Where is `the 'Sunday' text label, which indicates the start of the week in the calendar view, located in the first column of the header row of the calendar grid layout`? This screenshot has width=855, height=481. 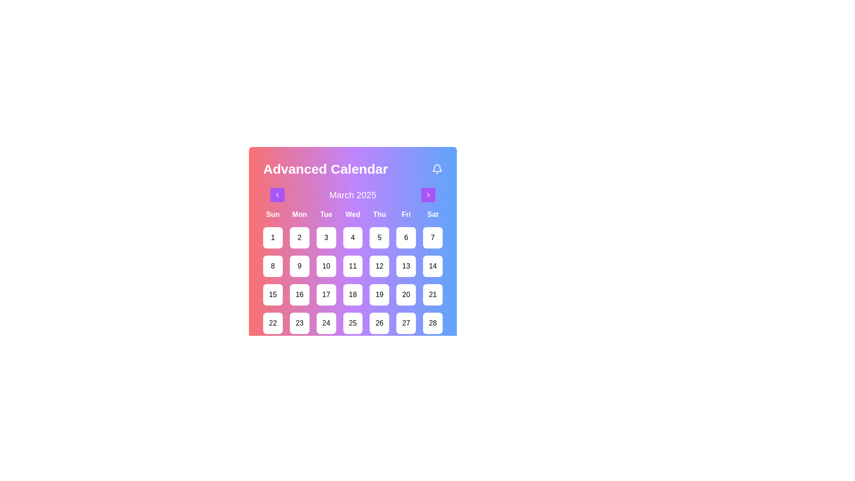
the 'Sunday' text label, which indicates the start of the week in the calendar view, located in the first column of the header row of the calendar grid layout is located at coordinates (272, 215).